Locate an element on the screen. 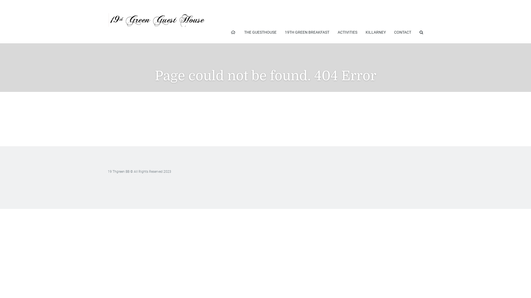  '19TH GREEN BREAKFAST' is located at coordinates (307, 32).